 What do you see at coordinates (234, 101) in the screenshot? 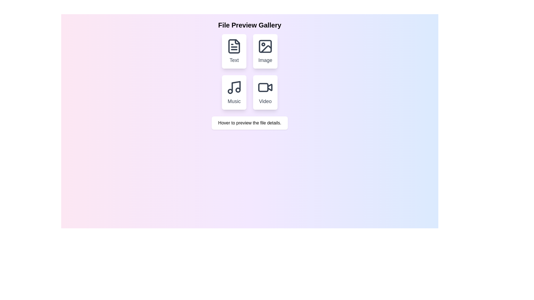
I see `text label indicating the 'Music' section located within the card in the bottom row, left column of the grid layout` at bounding box center [234, 101].